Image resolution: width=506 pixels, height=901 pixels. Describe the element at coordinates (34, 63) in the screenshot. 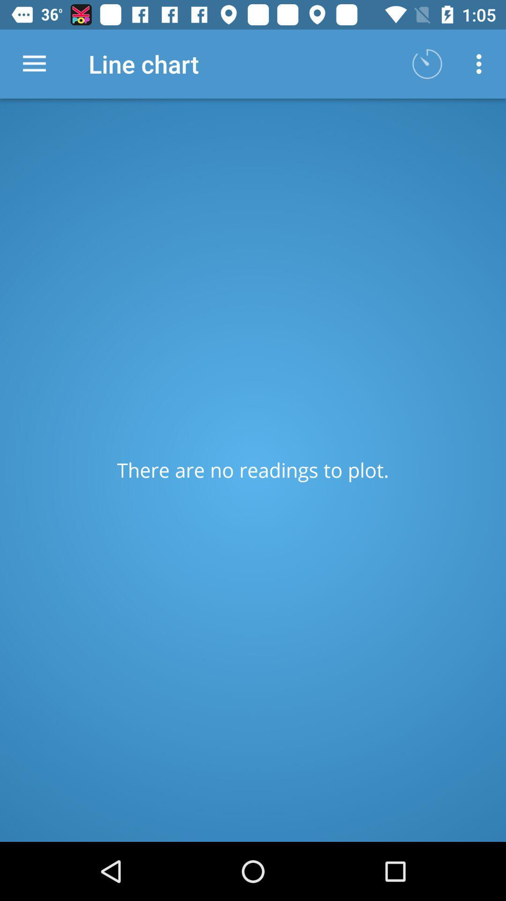

I see `item to the left of line chart item` at that location.